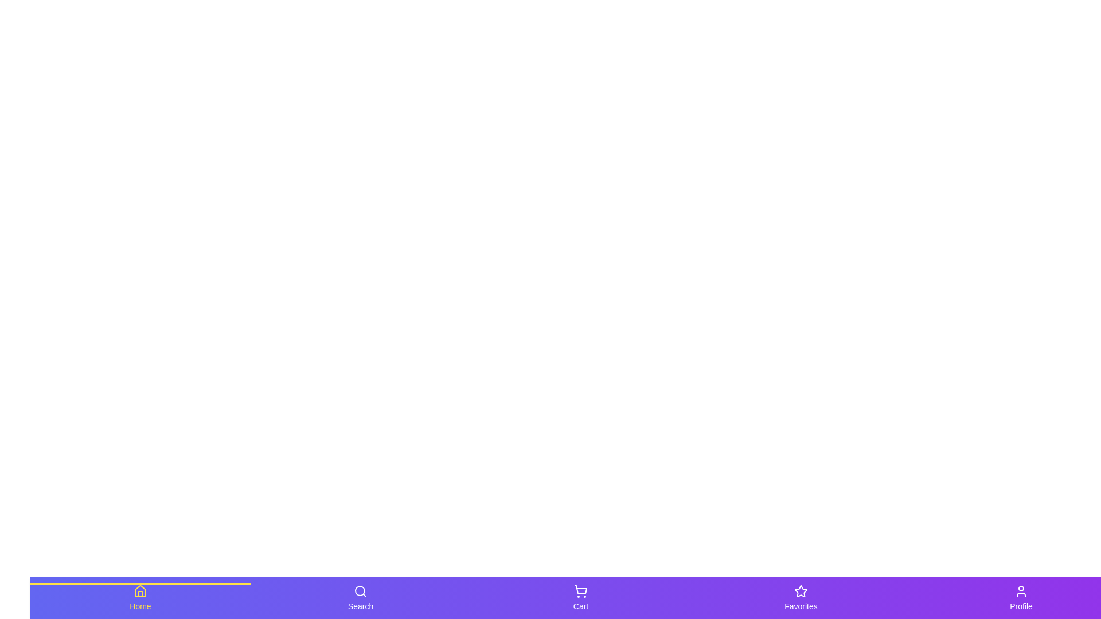  What do you see at coordinates (800, 597) in the screenshot?
I see `the navigation tab labeled Favorites` at bounding box center [800, 597].